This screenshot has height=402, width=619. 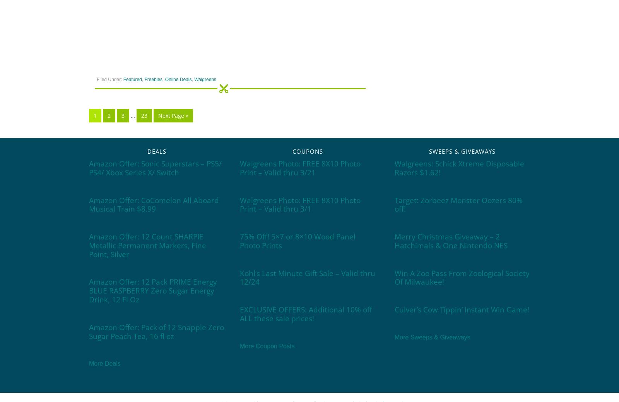 I want to click on 'Amazon Offer: 12 Pack PRIME Energy BLUE RASPBERRY Zero Sugar Energy Drink, 12 Fl Oz', so click(x=153, y=290).